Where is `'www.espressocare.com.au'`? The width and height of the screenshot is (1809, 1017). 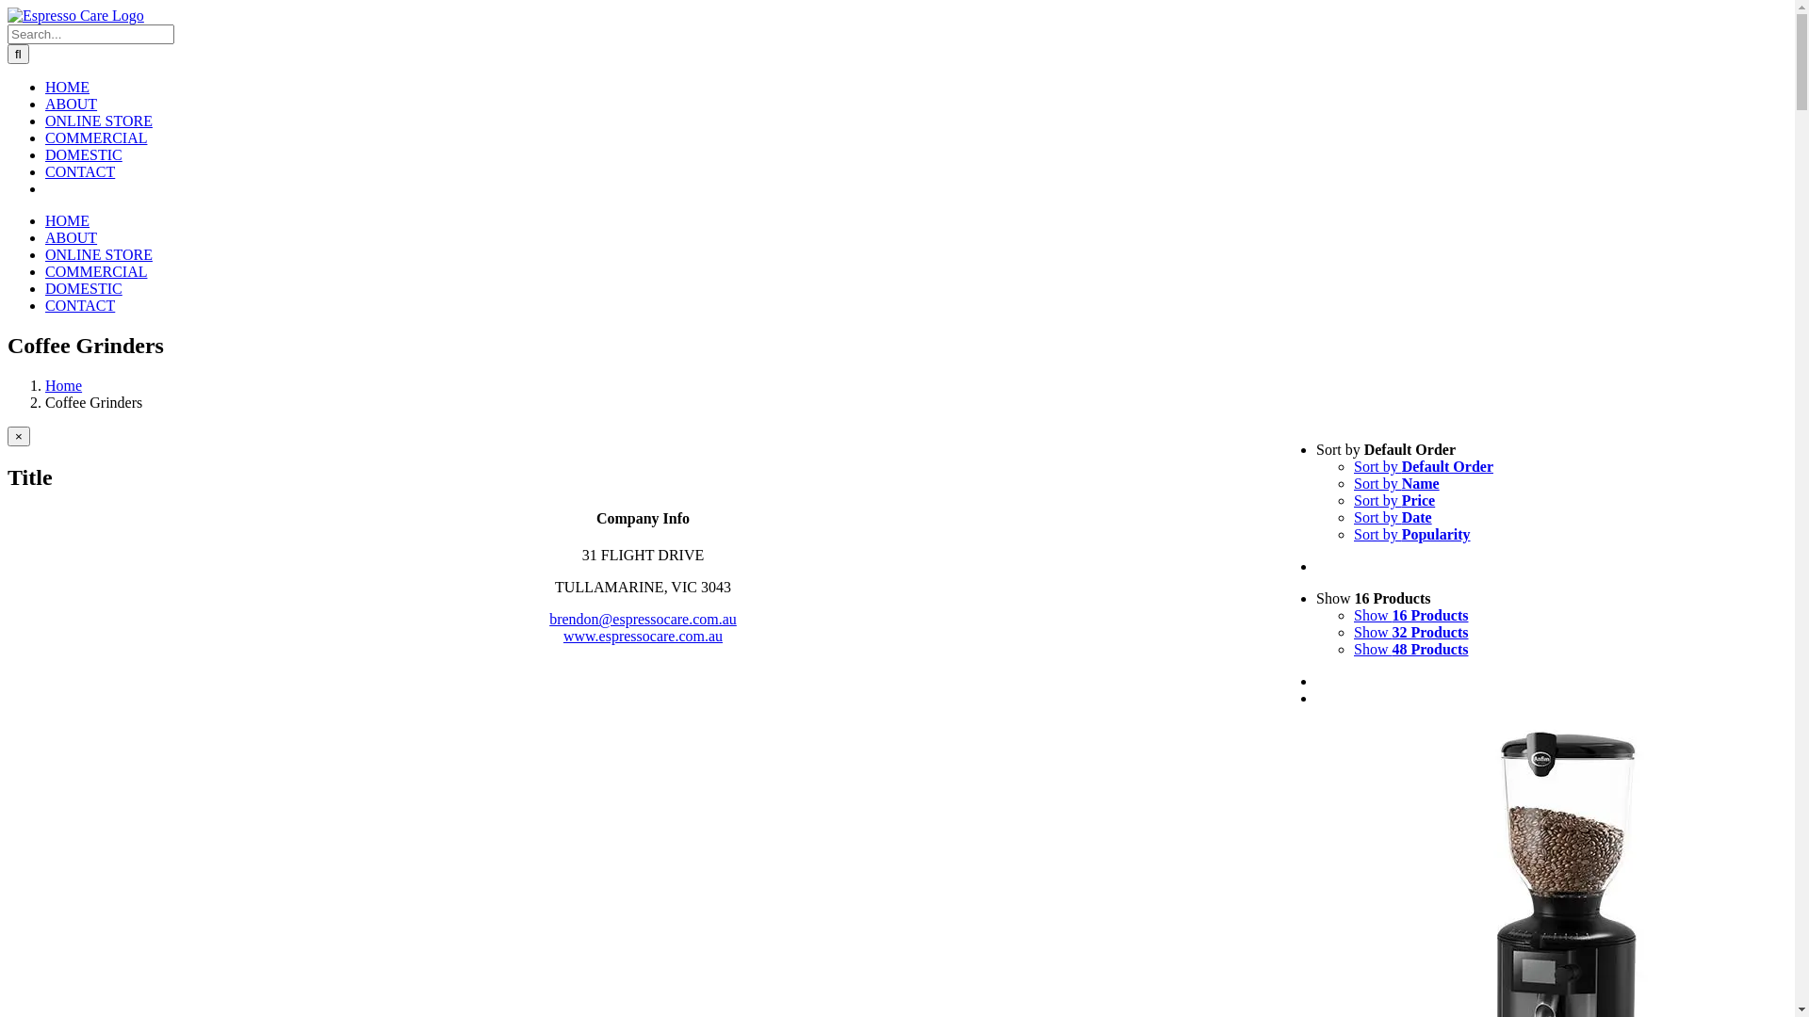 'www.espressocare.com.au' is located at coordinates (562, 636).